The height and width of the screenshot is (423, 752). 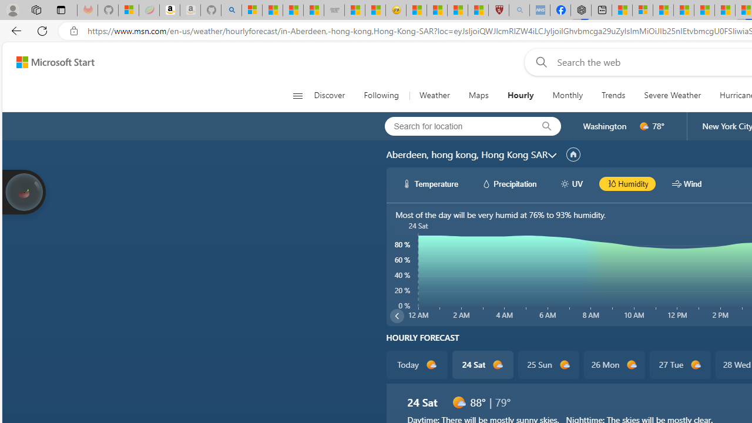 What do you see at coordinates (571, 183) in the screenshot?
I see `'hourlyChart/uvWhite UV'` at bounding box center [571, 183].